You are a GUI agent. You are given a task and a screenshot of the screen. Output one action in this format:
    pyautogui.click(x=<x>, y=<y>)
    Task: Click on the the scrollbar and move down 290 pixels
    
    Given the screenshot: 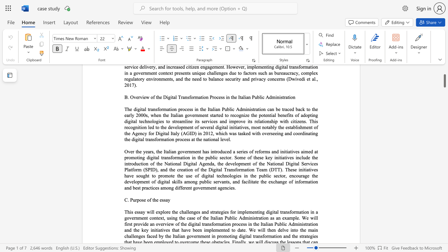 What is the action you would take?
    pyautogui.click(x=444, y=78)
    